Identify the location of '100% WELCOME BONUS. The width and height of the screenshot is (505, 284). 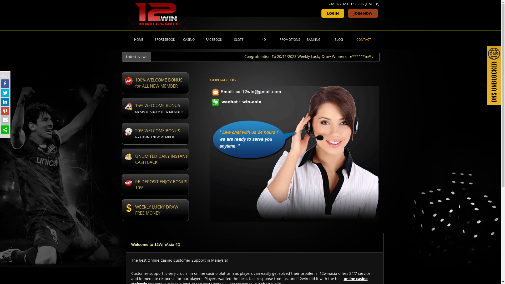
(155, 83).